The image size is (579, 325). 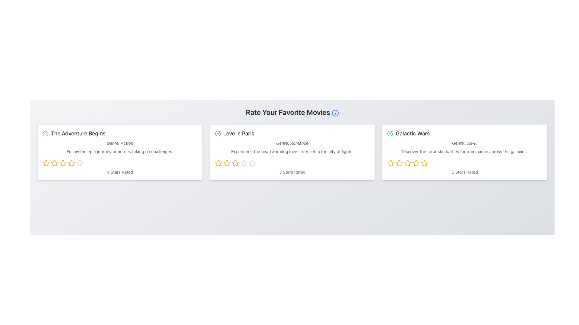 I want to click on the text label displaying '3 Stars Rated' which is styled in a small gray font and located beneath the star rating section of the 'Love in Paris' card, so click(x=292, y=172).